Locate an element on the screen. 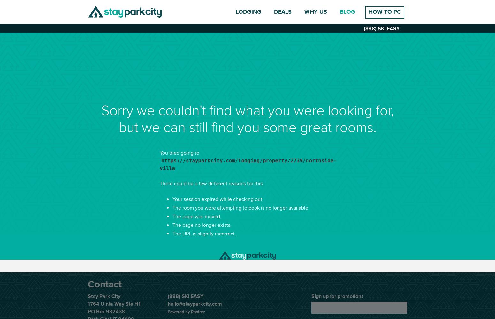 The image size is (495, 319). '1764 Uinta Way Ste H1' is located at coordinates (114, 304).